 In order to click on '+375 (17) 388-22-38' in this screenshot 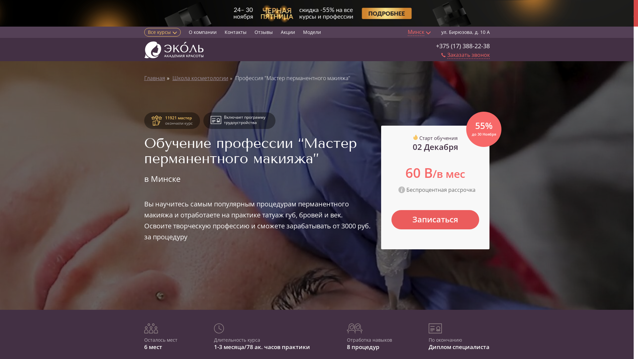, I will do `click(436, 46)`.